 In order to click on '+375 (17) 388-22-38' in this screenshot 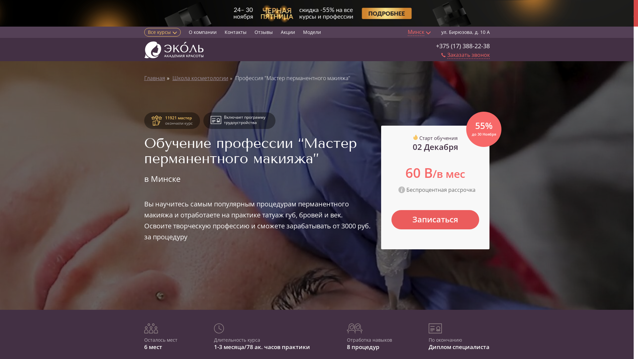, I will do `click(436, 46)`.